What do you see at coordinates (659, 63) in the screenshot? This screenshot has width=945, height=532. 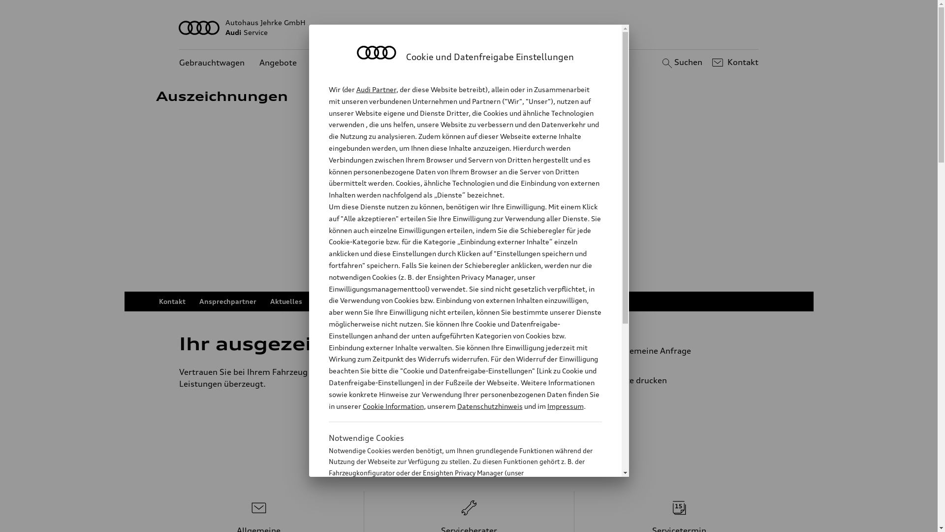 I see `'Suchen'` at bounding box center [659, 63].